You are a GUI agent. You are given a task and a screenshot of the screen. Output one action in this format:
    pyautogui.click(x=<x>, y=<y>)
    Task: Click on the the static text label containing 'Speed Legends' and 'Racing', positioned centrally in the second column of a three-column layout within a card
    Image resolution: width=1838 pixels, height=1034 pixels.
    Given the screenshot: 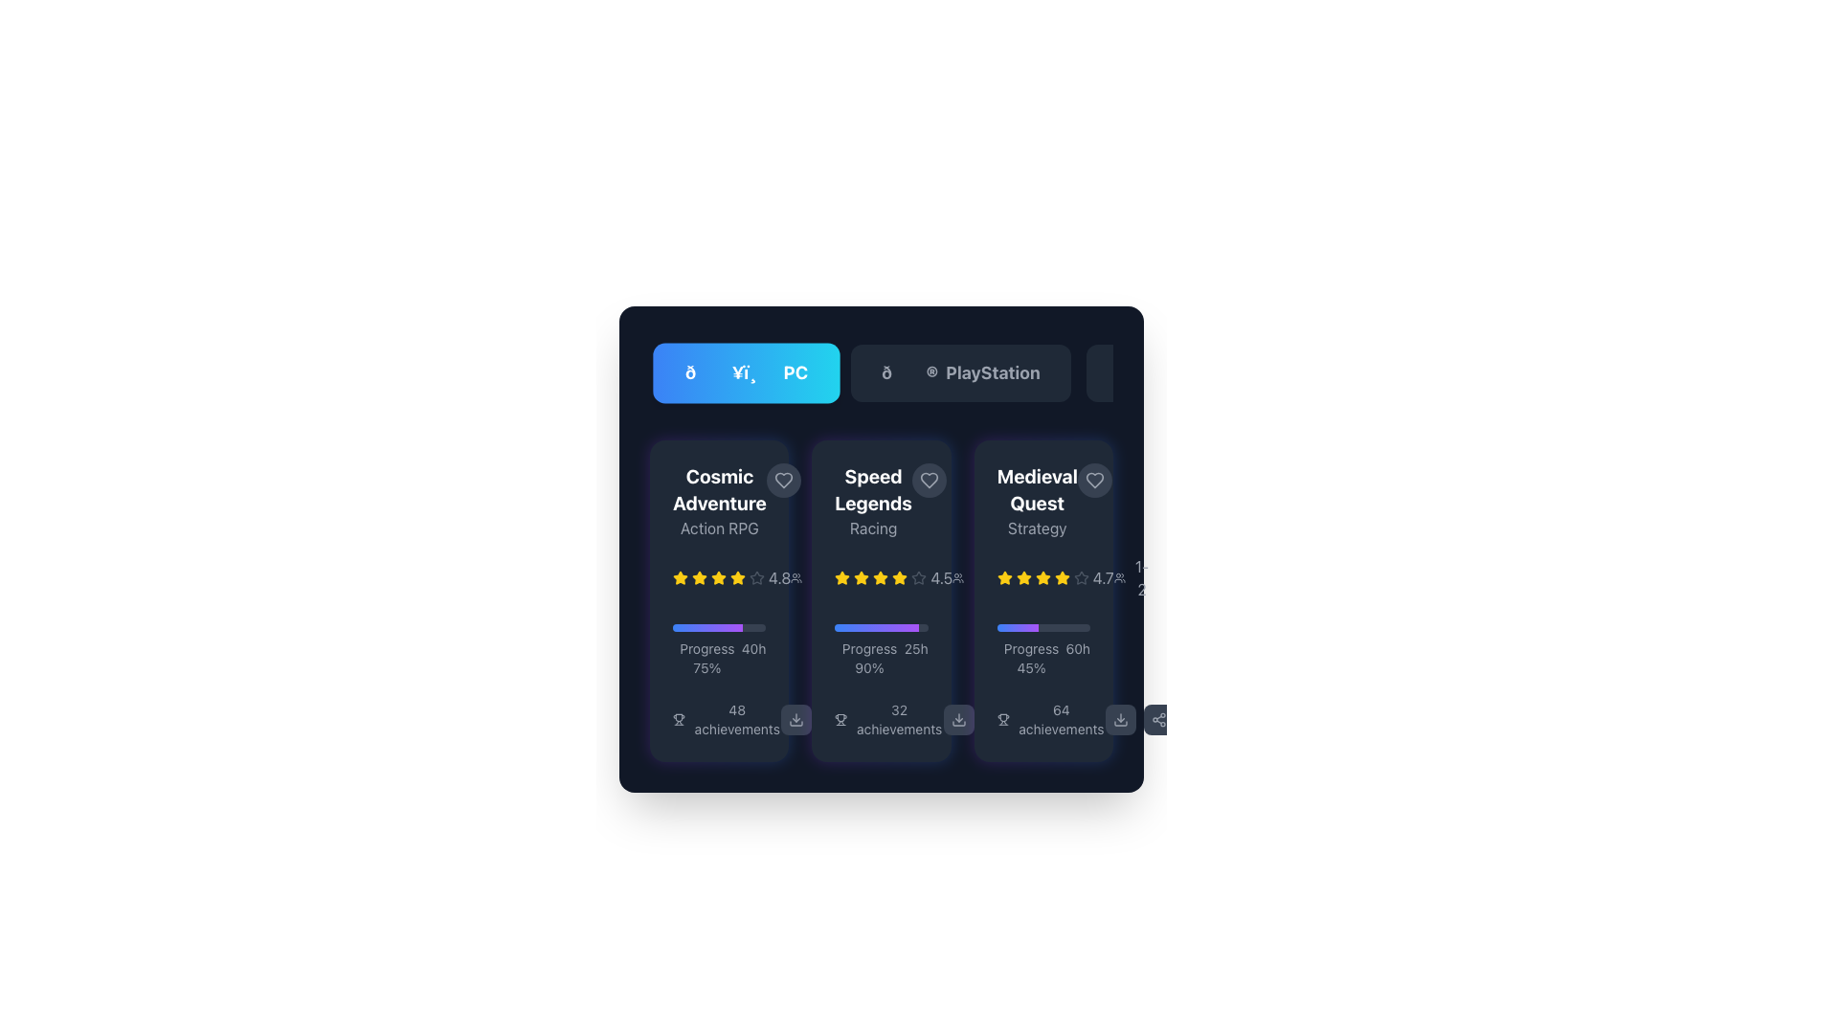 What is the action you would take?
    pyautogui.click(x=881, y=501)
    